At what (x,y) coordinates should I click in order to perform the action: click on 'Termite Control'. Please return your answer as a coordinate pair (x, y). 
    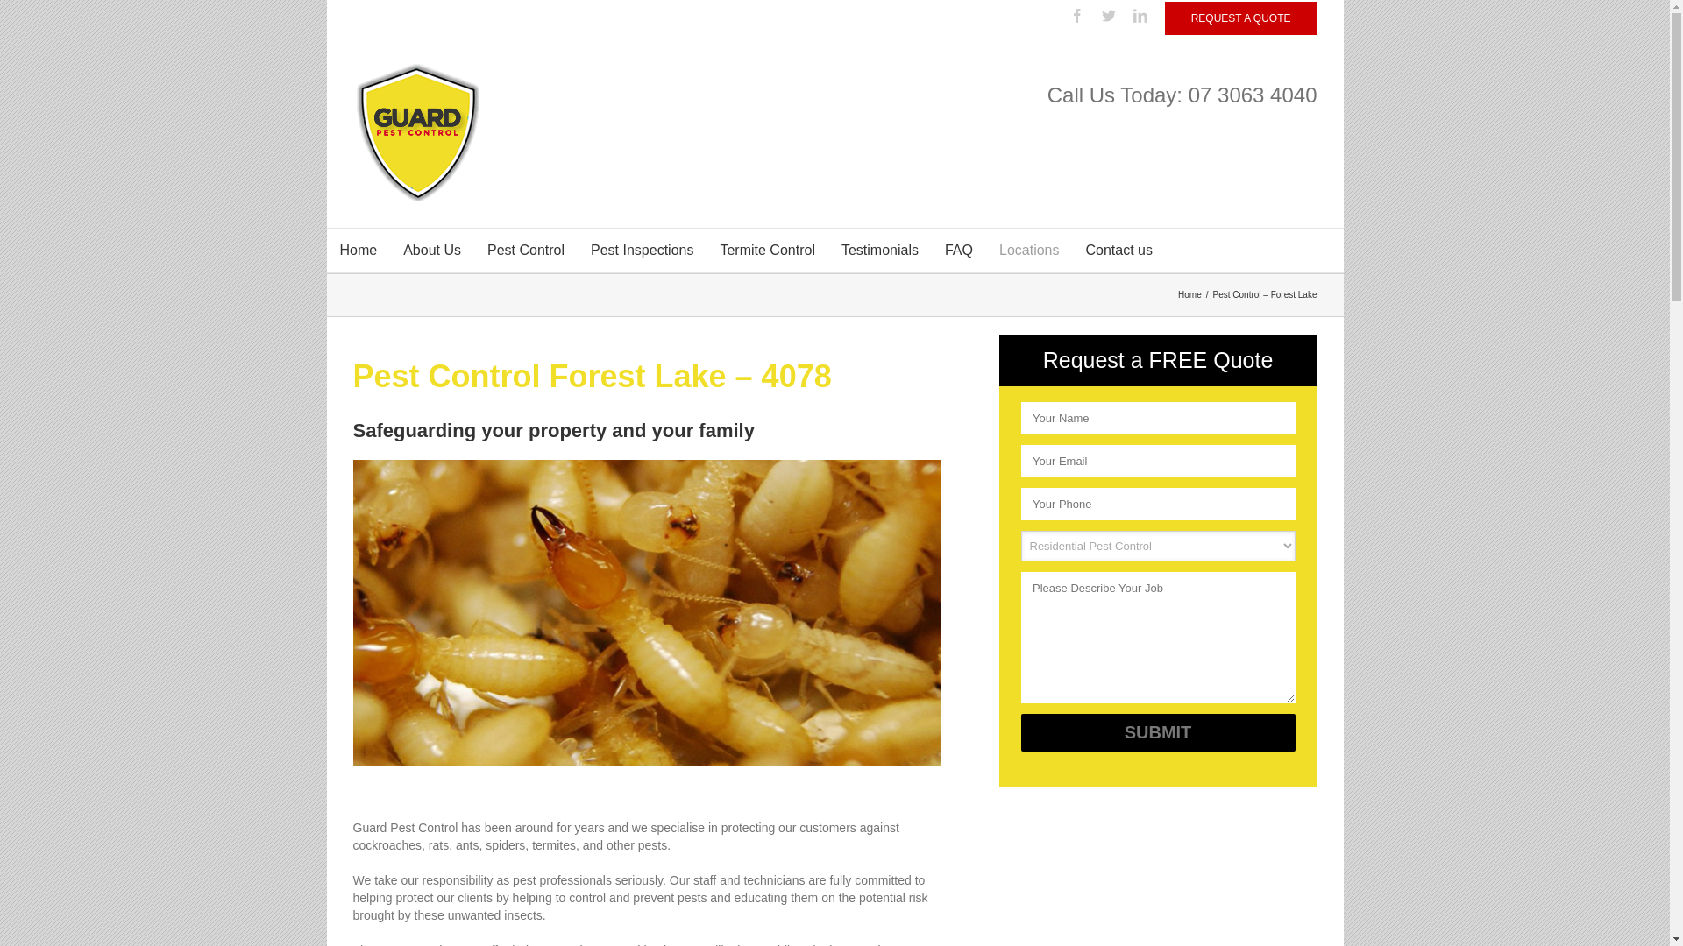
    Looking at the image, I should click on (766, 250).